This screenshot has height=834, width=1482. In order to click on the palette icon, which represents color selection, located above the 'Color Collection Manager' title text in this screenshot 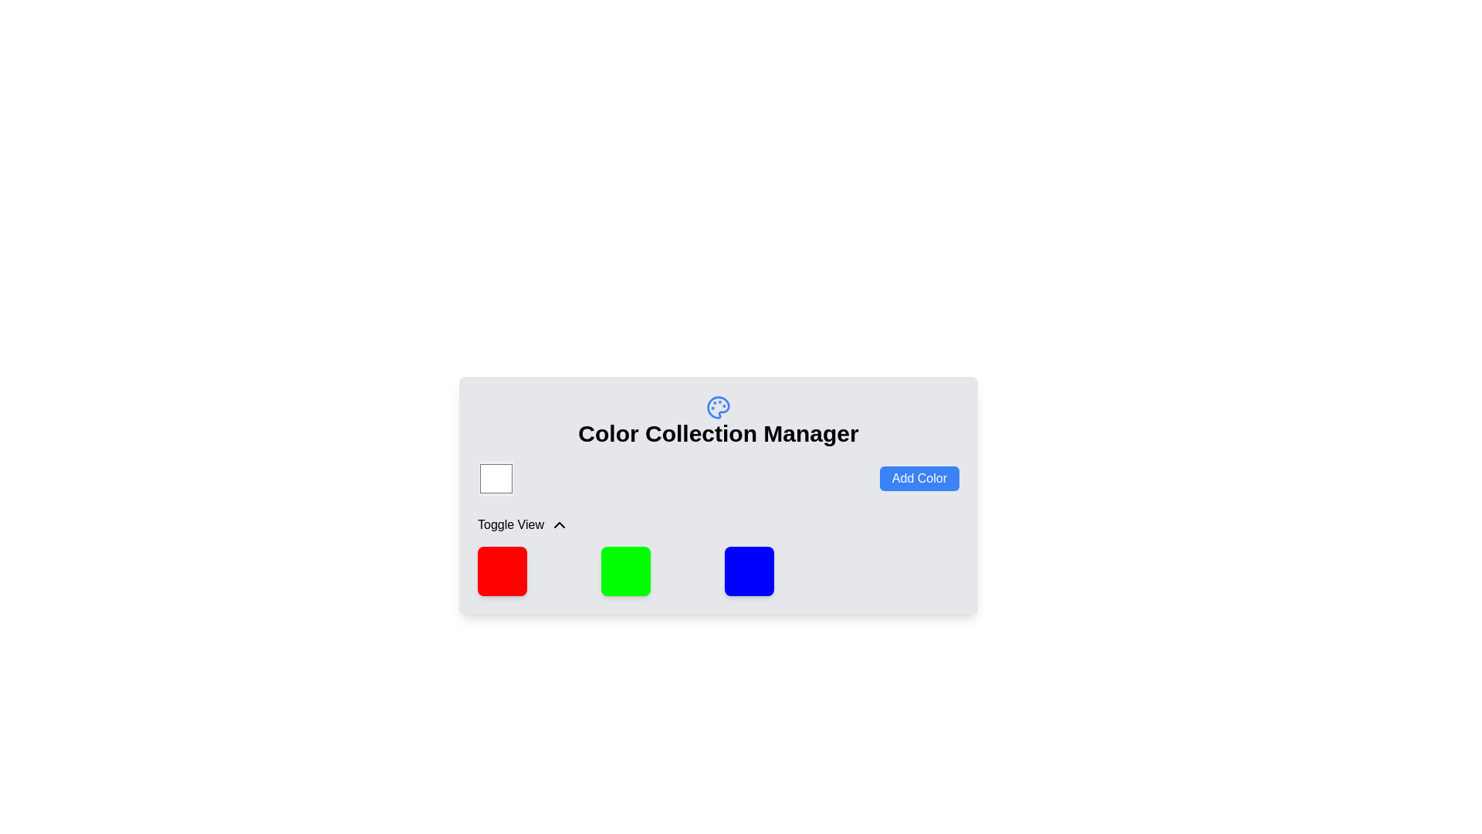, I will do `click(718, 407)`.